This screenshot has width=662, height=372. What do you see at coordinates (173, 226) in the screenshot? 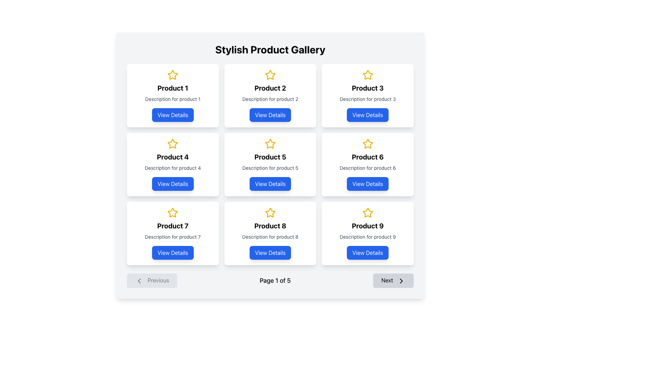
I see `product title text label located in the leftmost column of the grid layout, directly below the yellow star icon` at bounding box center [173, 226].